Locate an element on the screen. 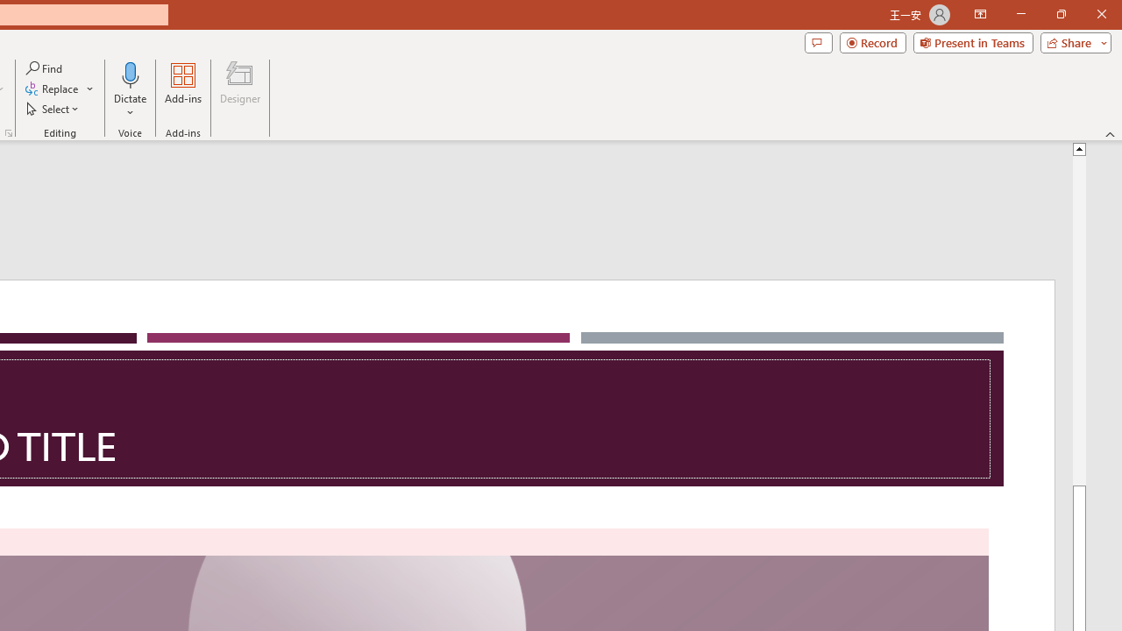  'Close' is located at coordinates (1100, 14).